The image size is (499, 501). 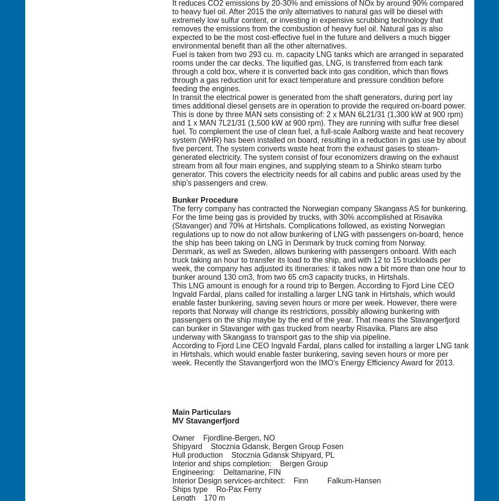 I want to click on 'Interior and ships completion:    Bergen Group', so click(x=249, y=463).